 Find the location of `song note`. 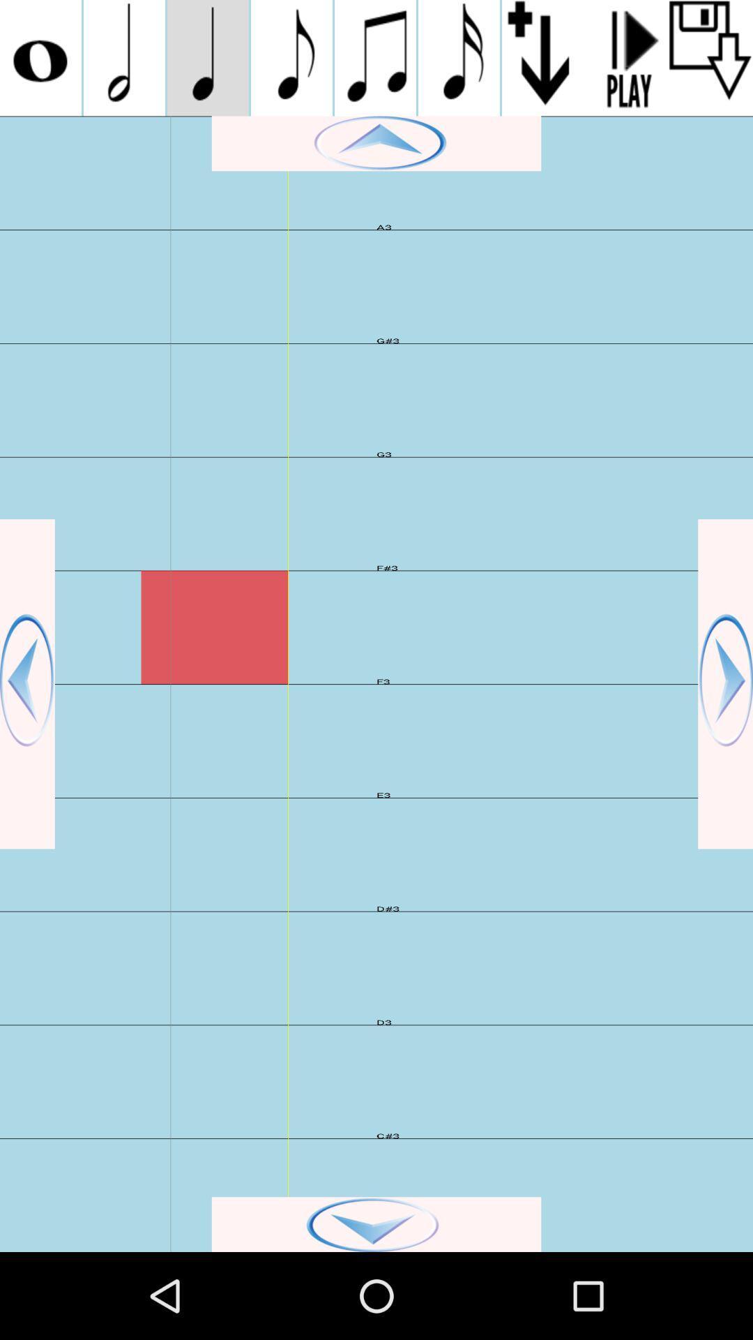

song note is located at coordinates (208, 57).